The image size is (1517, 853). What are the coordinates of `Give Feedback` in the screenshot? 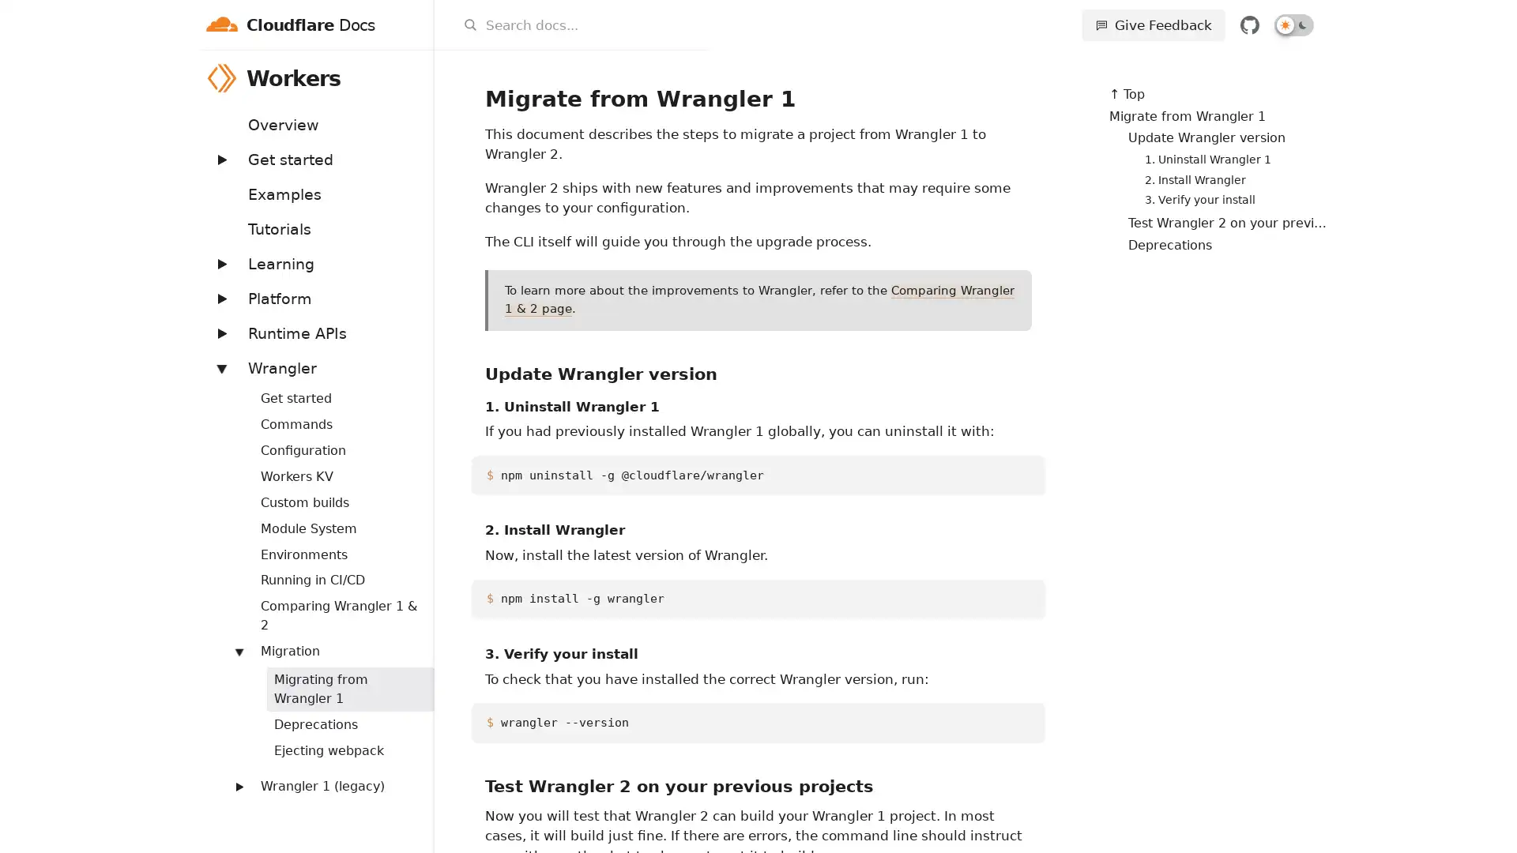 It's located at (1153, 24).